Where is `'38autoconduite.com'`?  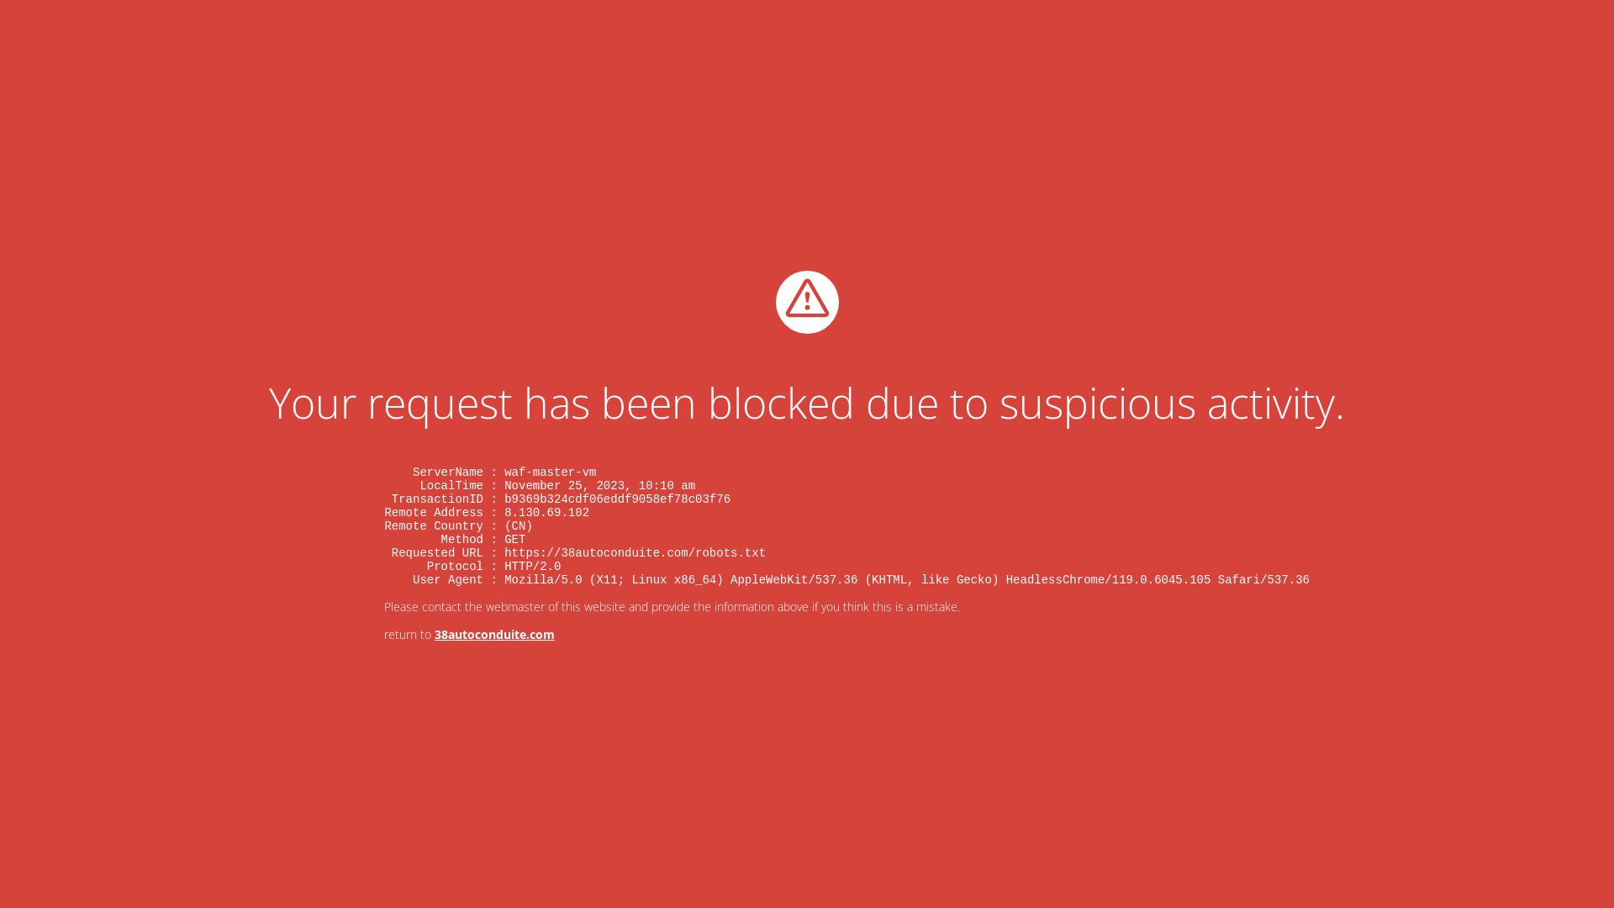 '38autoconduite.com' is located at coordinates (493, 634).